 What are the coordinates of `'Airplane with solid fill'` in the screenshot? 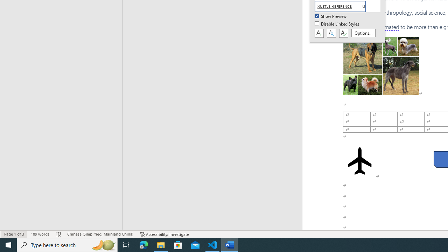 It's located at (359, 161).